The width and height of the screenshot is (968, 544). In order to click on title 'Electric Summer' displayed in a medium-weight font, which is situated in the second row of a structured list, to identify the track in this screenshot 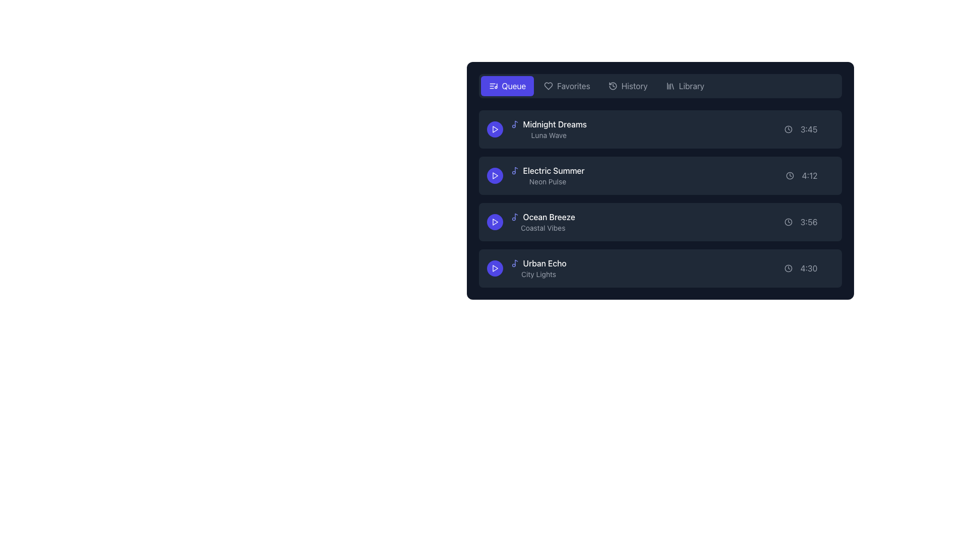, I will do `click(553, 170)`.